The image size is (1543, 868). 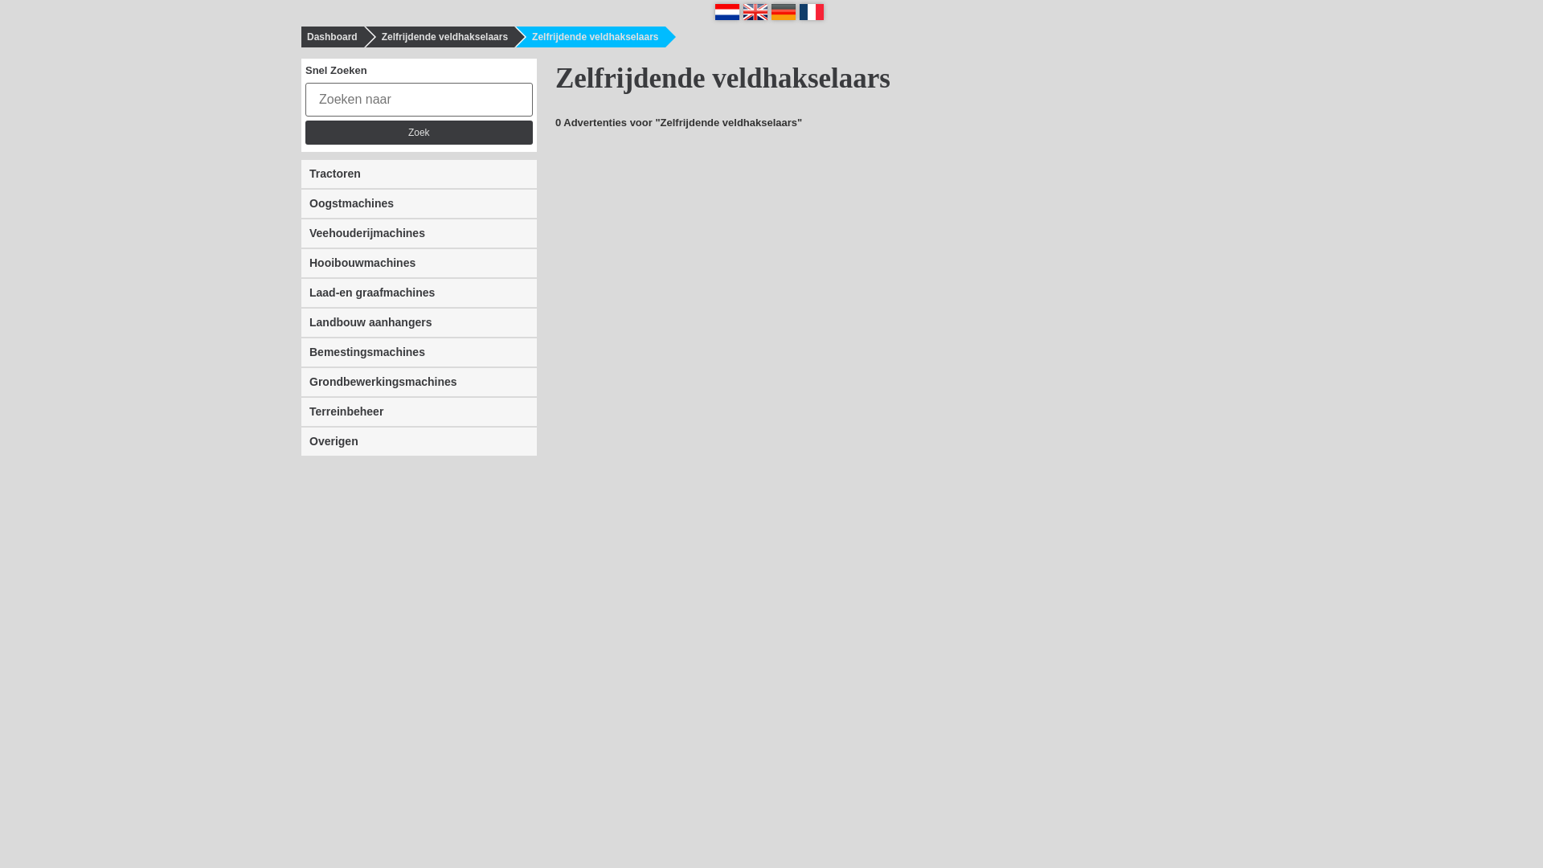 What do you see at coordinates (419, 382) in the screenshot?
I see `'Grondbewerkingsmachines'` at bounding box center [419, 382].